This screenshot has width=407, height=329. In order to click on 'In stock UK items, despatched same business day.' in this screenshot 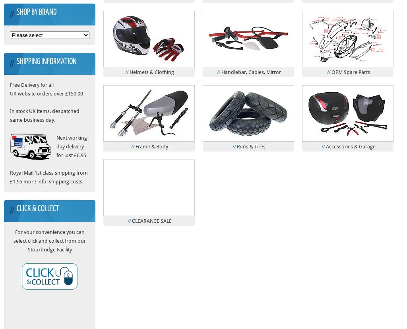, I will do `click(10, 115)`.